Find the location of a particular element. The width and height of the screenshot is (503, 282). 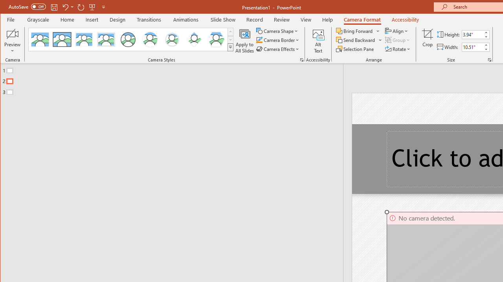

'Simple Frame Circle' is located at coordinates (128, 39).